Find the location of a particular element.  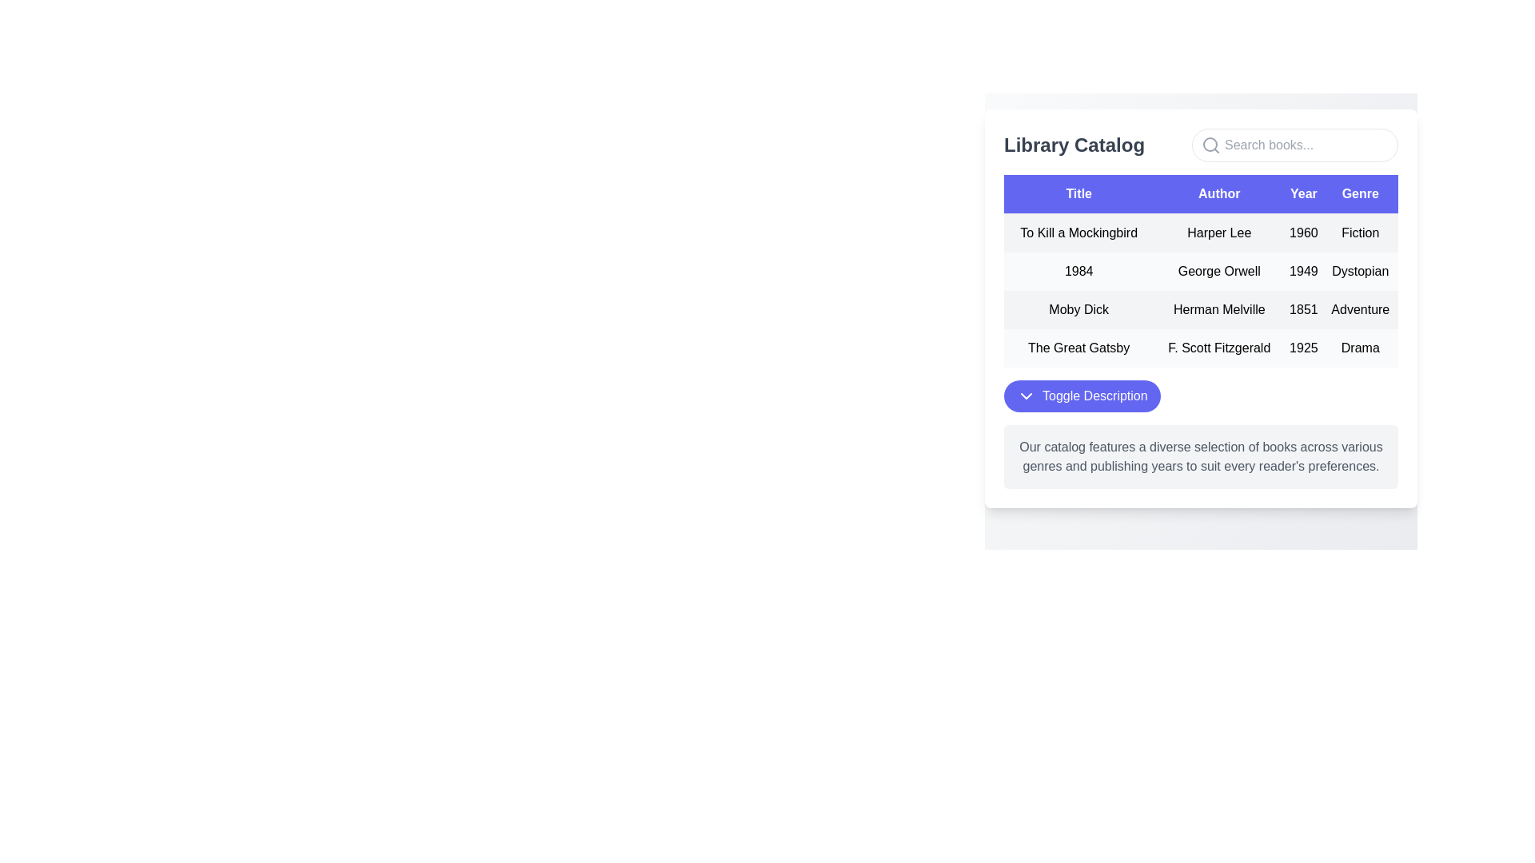

the search icon located in the header with search functionality at the top of the section, which allows users to filter entries in the library catalog is located at coordinates (1201, 145).